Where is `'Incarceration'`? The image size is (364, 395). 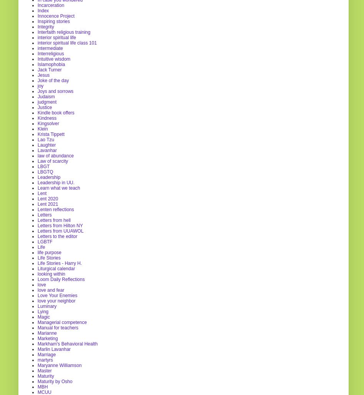 'Incarceration' is located at coordinates (50, 5).